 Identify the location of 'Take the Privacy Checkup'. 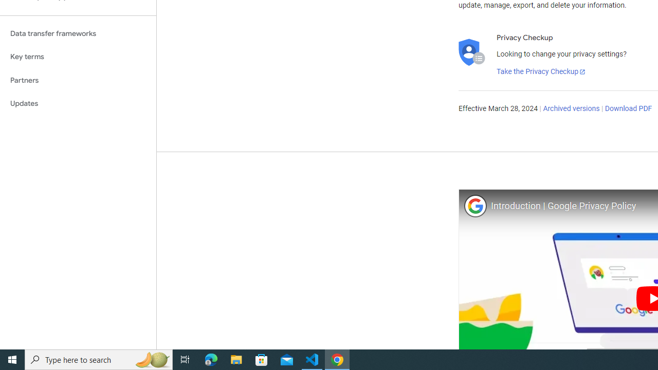
(541, 71).